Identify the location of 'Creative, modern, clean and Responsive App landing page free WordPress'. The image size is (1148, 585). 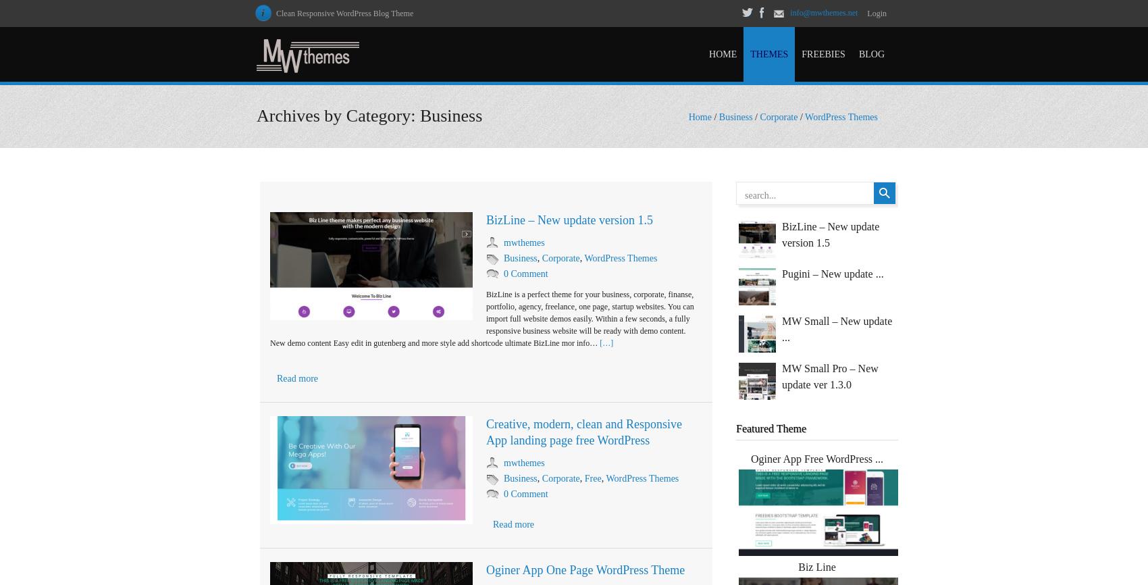
(486, 432).